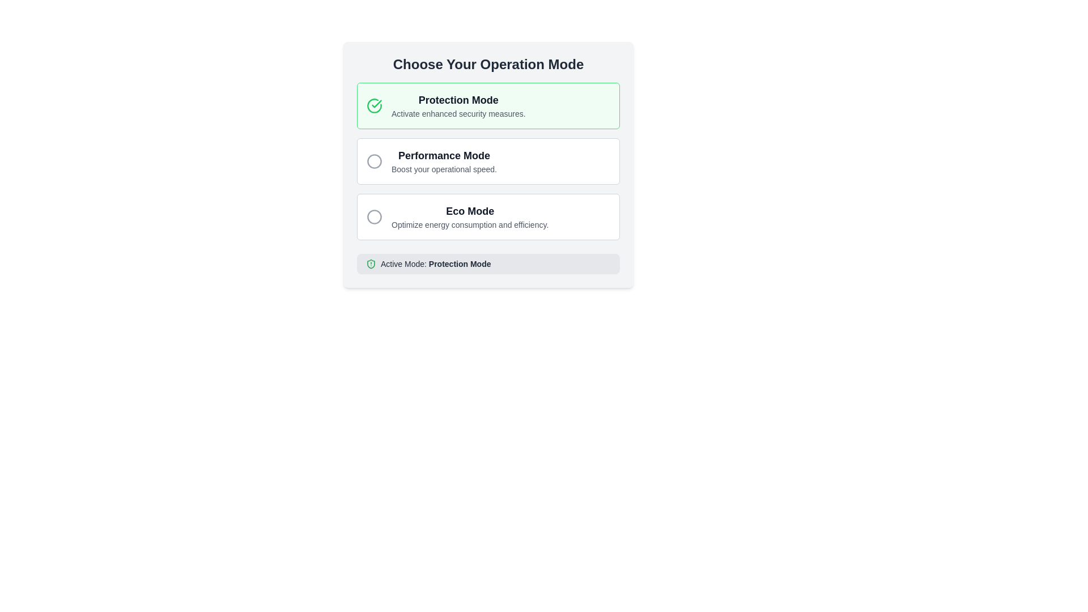 The width and height of the screenshot is (1088, 612). Describe the element at coordinates (377, 104) in the screenshot. I see `the checkmark icon with a green stroke located in a circular icon to the left of the text 'Protection Mode' near the top segment of the active selection box` at that location.